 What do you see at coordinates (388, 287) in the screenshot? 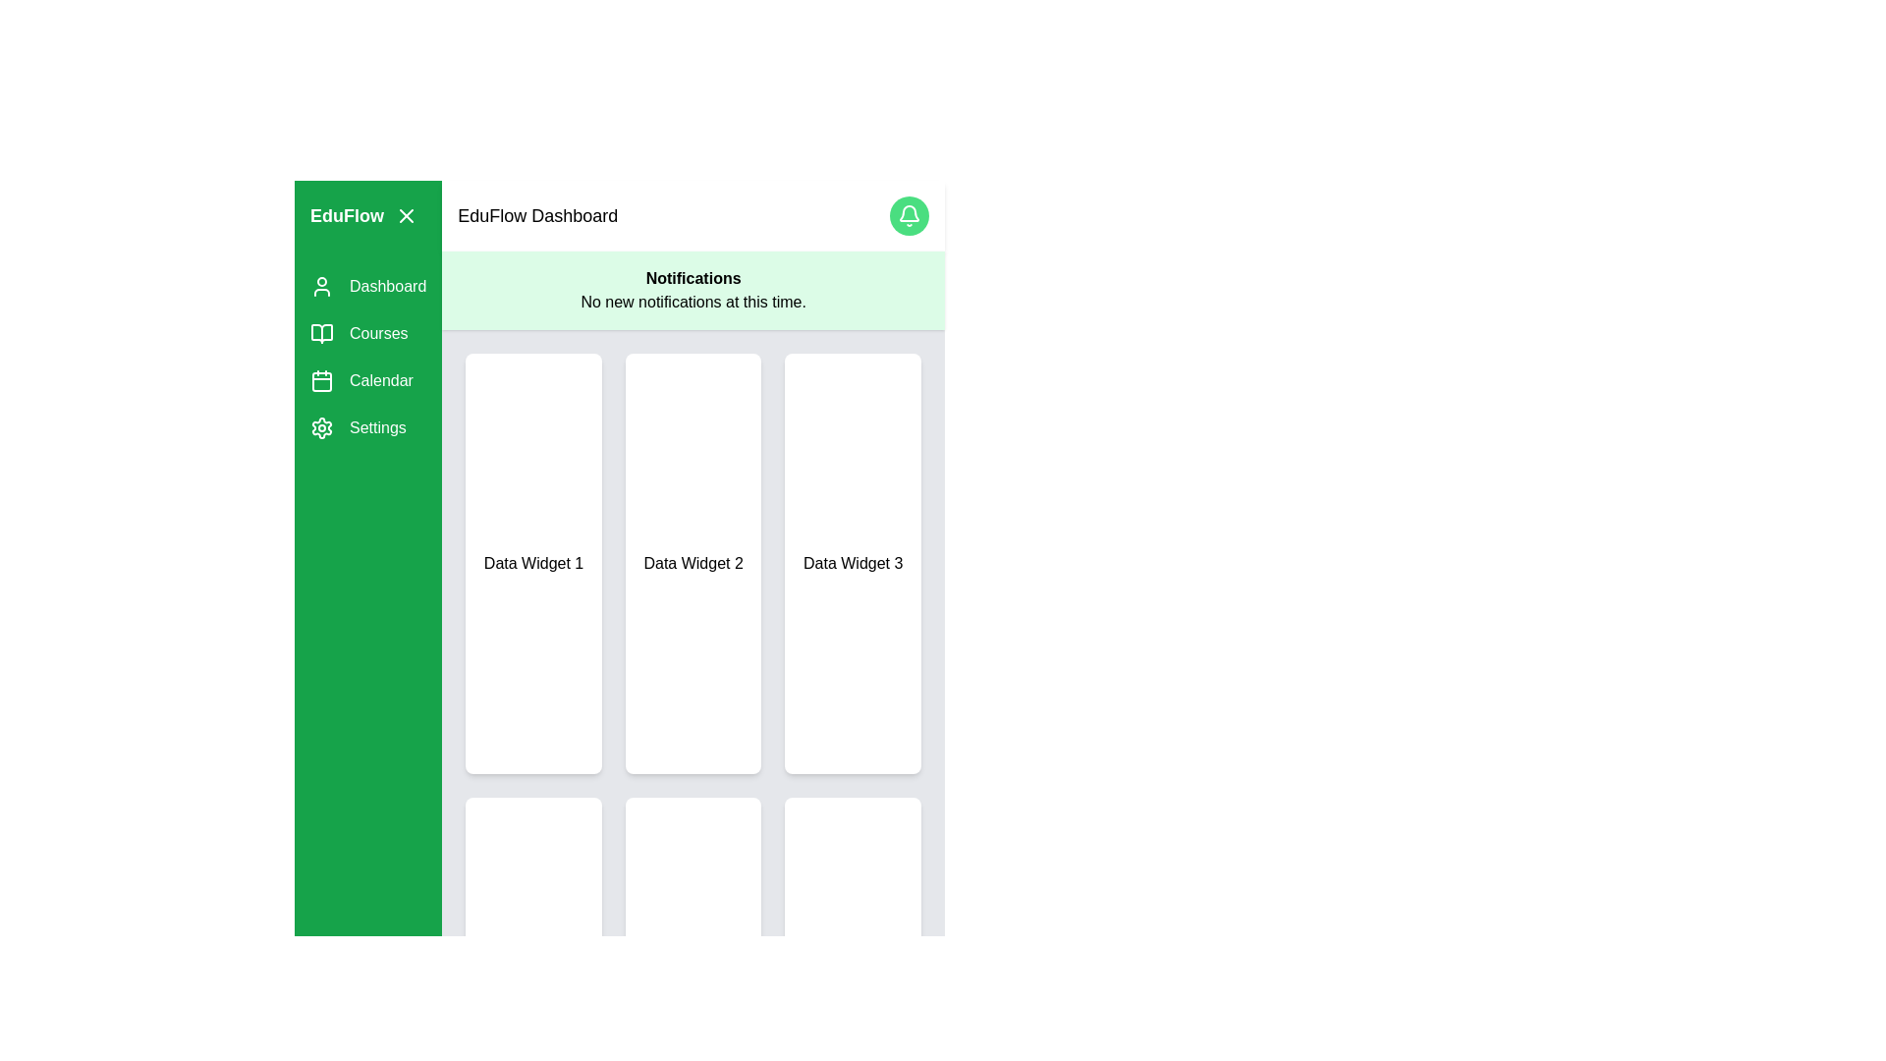
I see `the 'Dashboard' text label, which is styled in white bold text against a green background and is part of the left-hand side navigation menu` at bounding box center [388, 287].